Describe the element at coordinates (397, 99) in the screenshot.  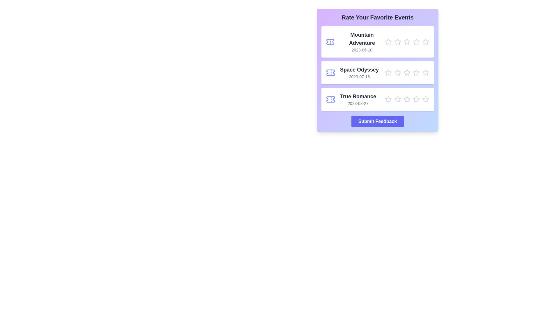
I see `the star corresponding to the rating 2 for the movie True Romance` at that location.